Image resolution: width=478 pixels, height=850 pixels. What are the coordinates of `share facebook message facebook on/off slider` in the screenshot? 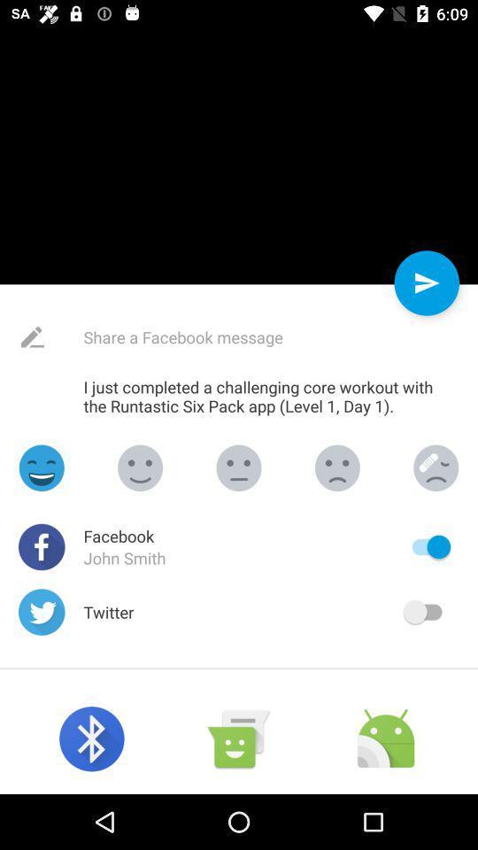 It's located at (426, 545).